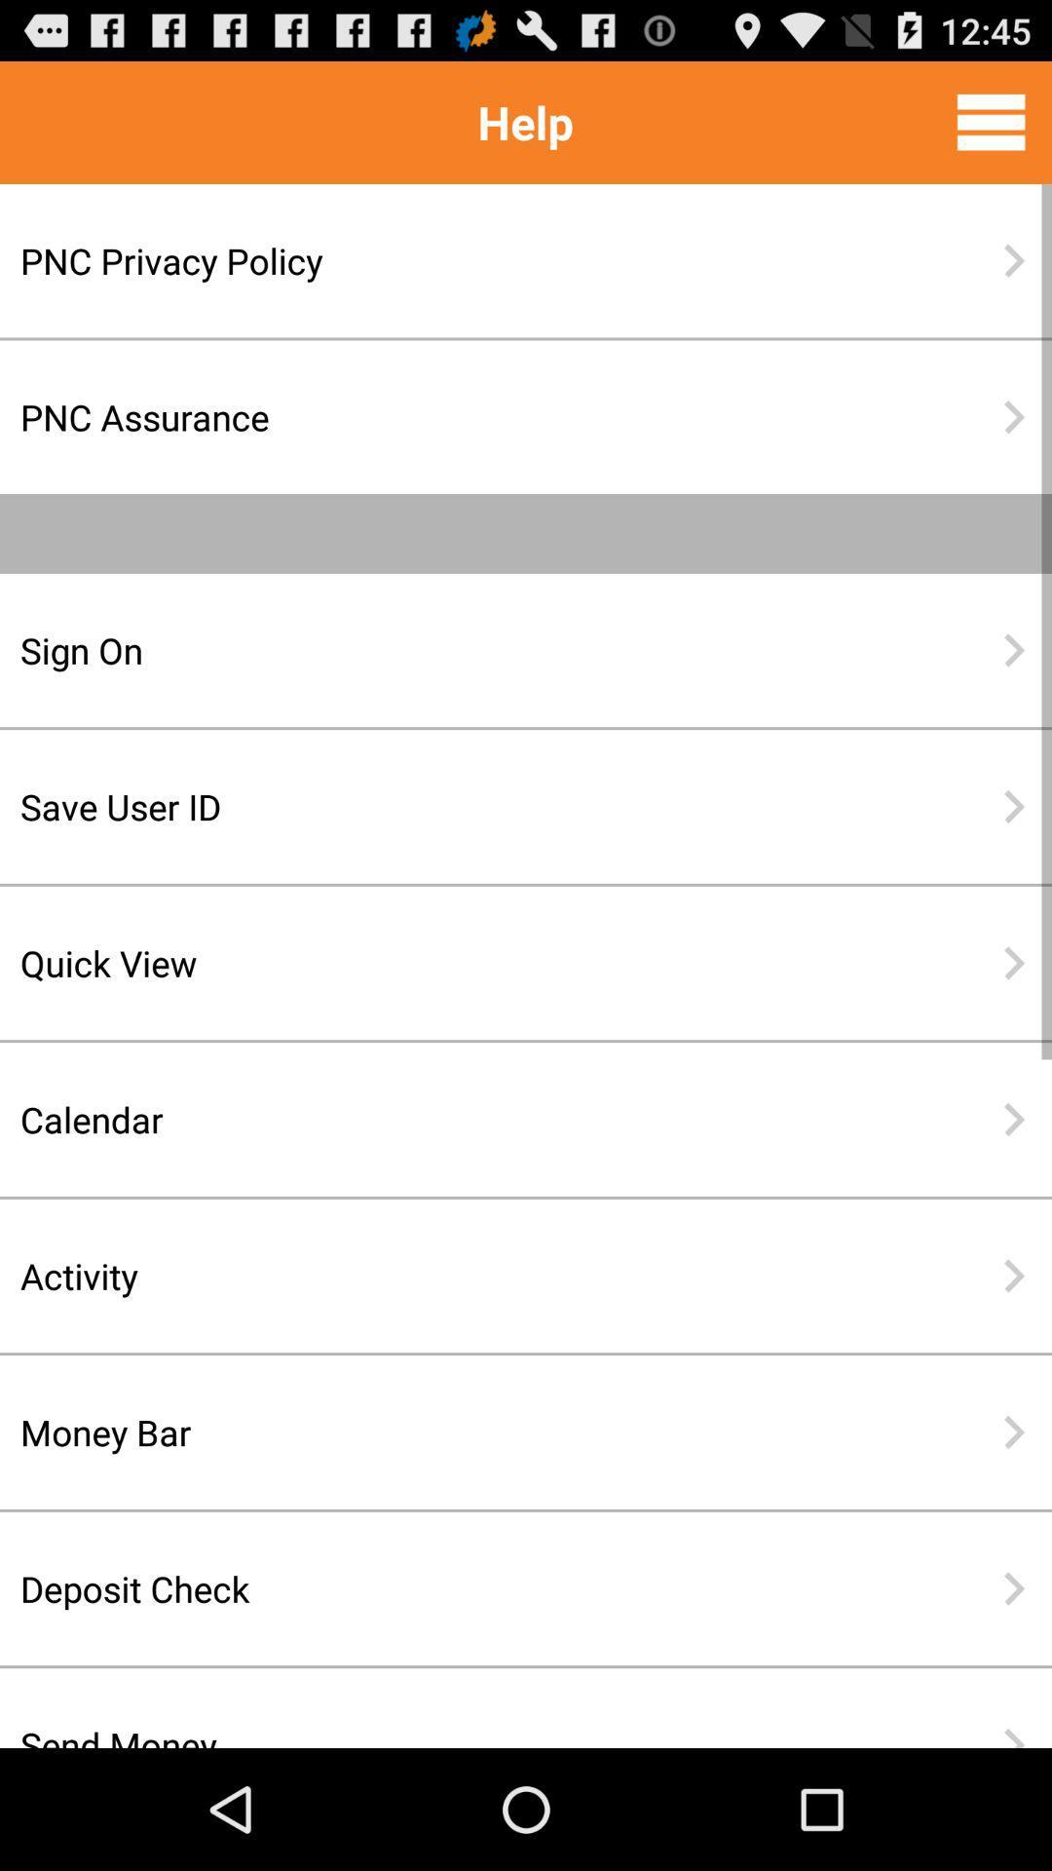 The height and width of the screenshot is (1871, 1052). Describe the element at coordinates (1013, 1432) in the screenshot. I see `the eight arrow from top` at that location.